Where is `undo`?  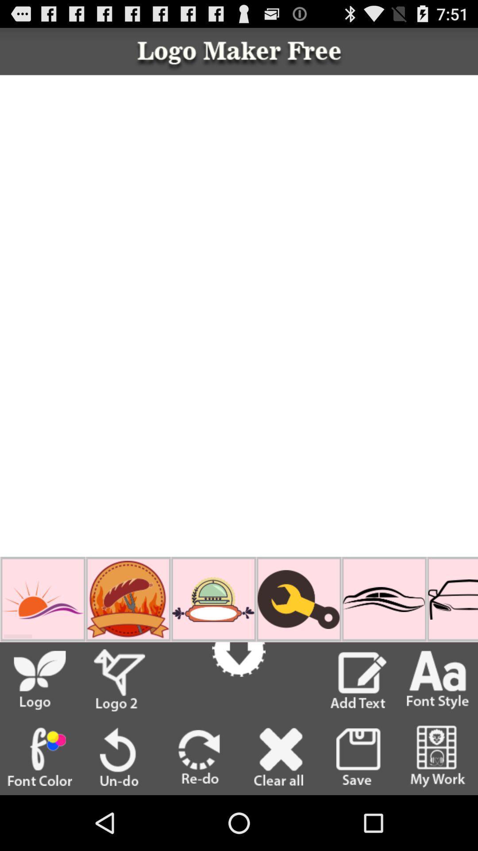
undo is located at coordinates (119, 756).